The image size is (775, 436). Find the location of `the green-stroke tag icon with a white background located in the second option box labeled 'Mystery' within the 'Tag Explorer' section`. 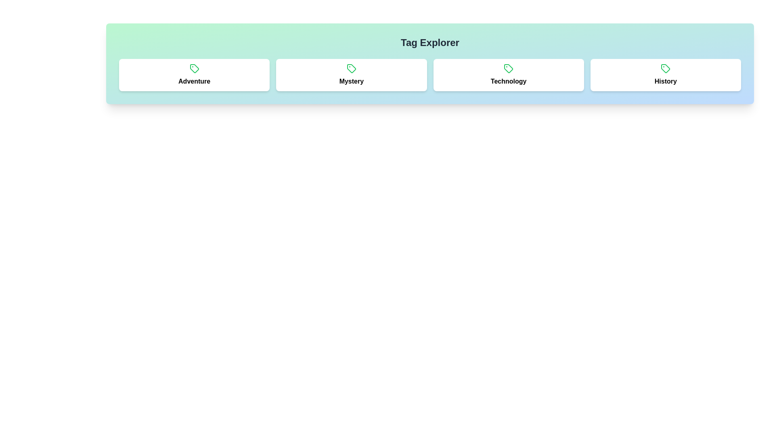

the green-stroke tag icon with a white background located in the second option box labeled 'Mystery' within the 'Tag Explorer' section is located at coordinates (351, 68).